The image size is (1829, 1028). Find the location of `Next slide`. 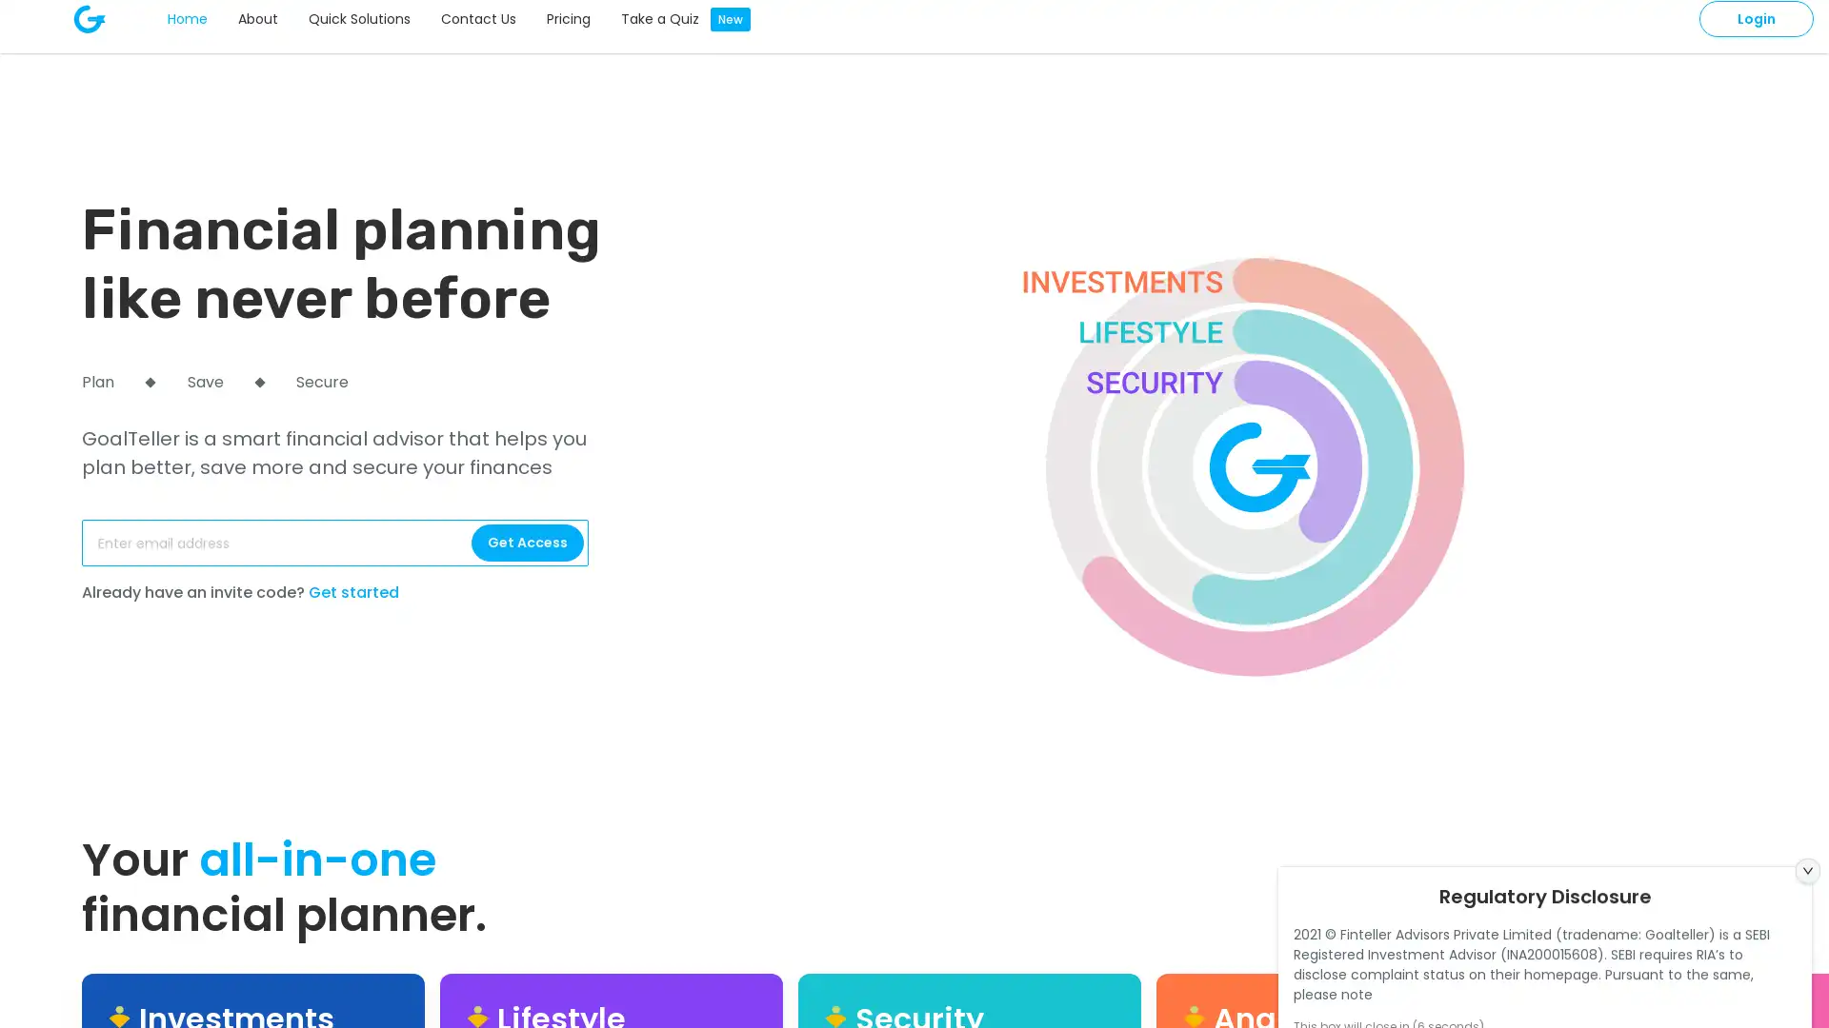

Next slide is located at coordinates (1805, 946).